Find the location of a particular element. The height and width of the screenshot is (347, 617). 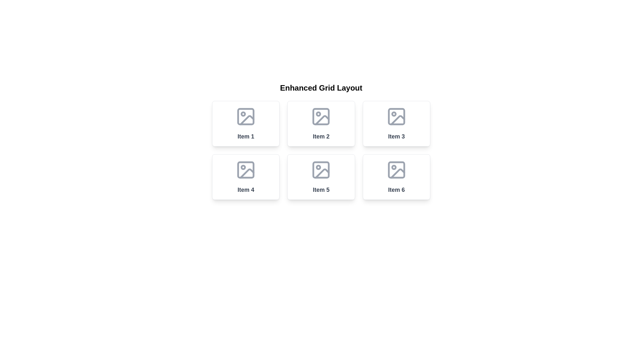

the decorative icon representing the image placeholder for 'Item 3', located in the top-right section of the grid is located at coordinates (396, 116).